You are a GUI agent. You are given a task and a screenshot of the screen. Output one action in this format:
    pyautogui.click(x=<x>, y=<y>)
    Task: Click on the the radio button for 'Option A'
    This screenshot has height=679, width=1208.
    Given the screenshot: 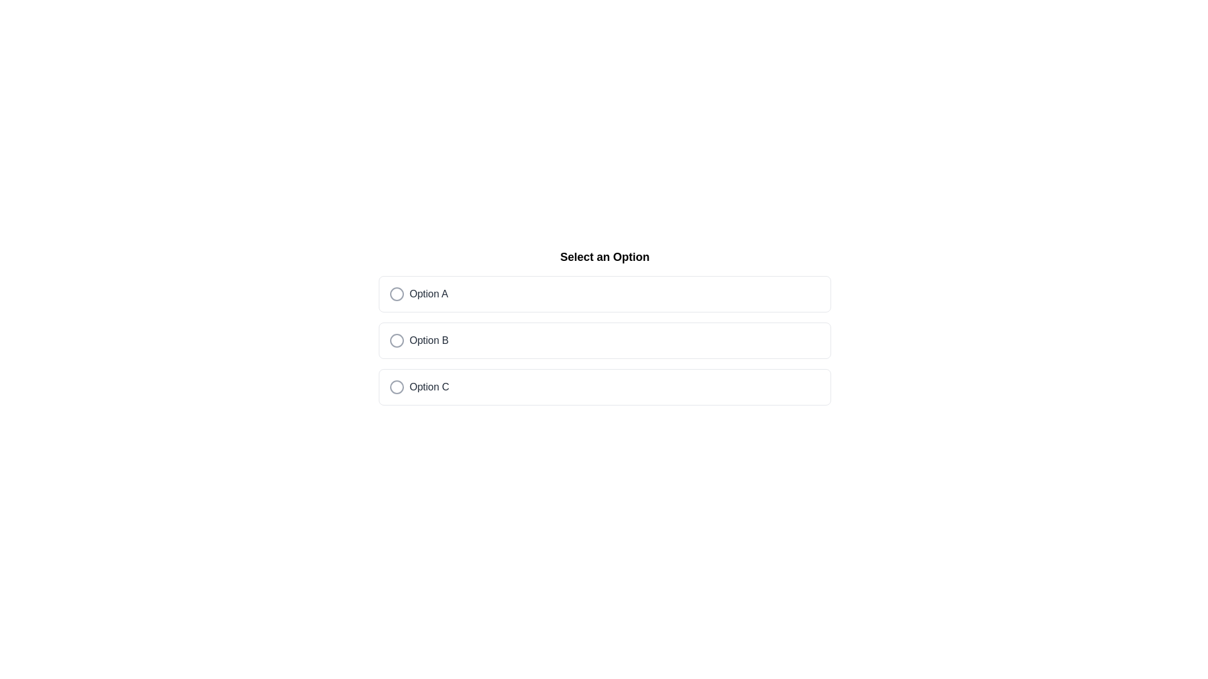 What is the action you would take?
    pyautogui.click(x=396, y=294)
    